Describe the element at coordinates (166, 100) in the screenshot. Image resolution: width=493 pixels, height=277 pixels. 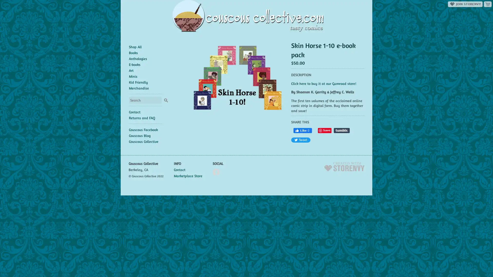
I see `Search` at that location.